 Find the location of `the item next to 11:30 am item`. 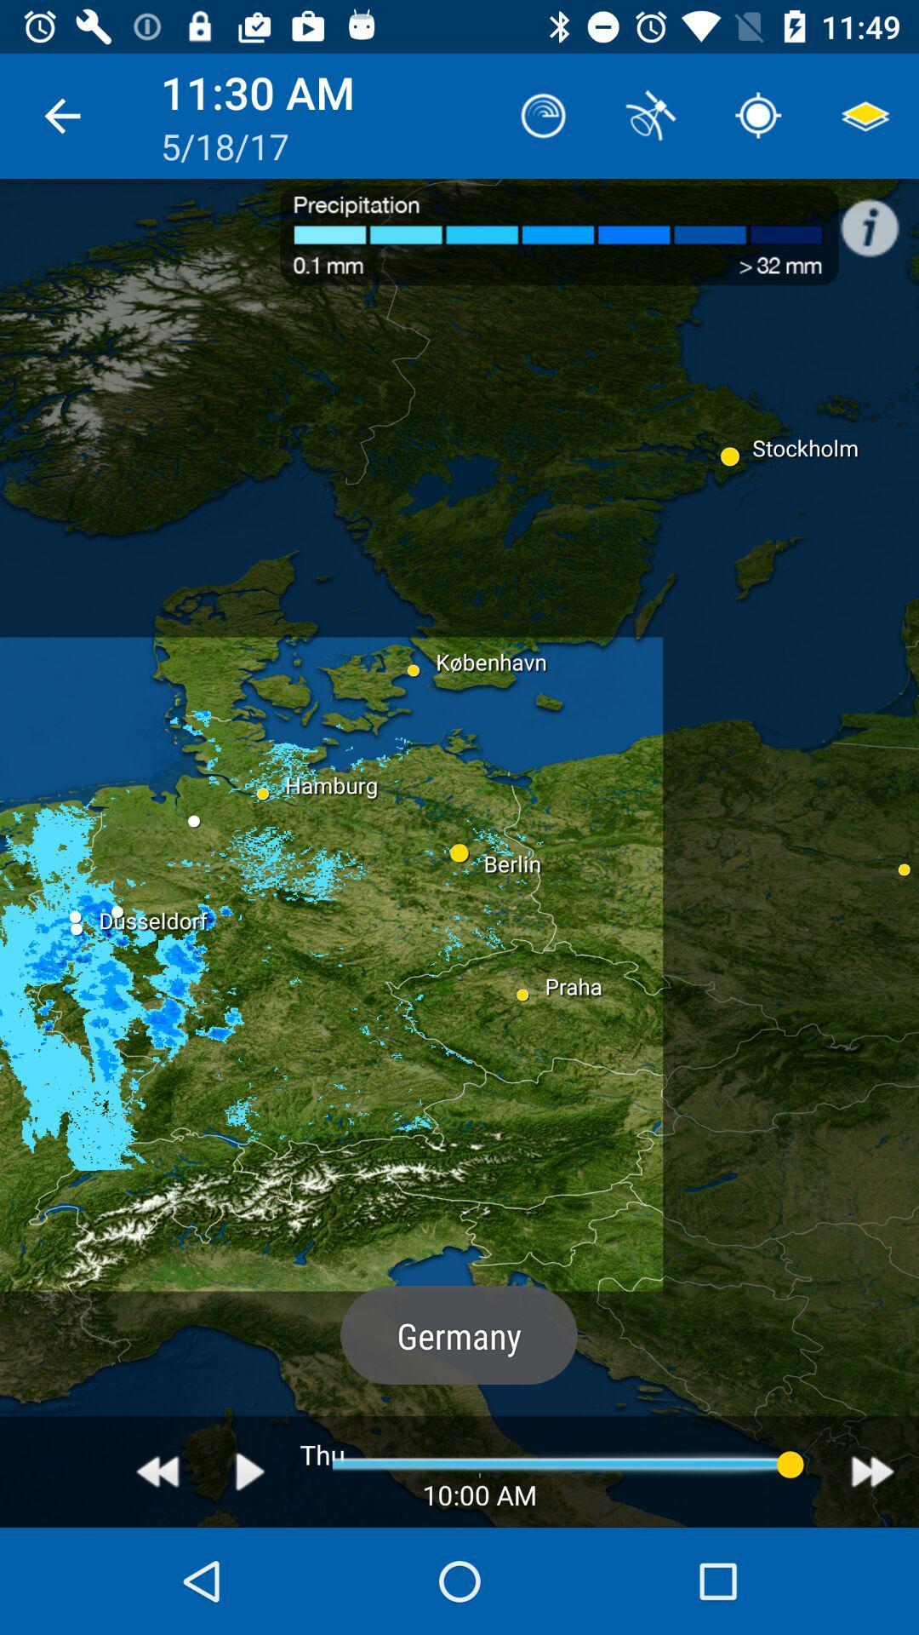

the item next to 11:30 am item is located at coordinates (544, 115).